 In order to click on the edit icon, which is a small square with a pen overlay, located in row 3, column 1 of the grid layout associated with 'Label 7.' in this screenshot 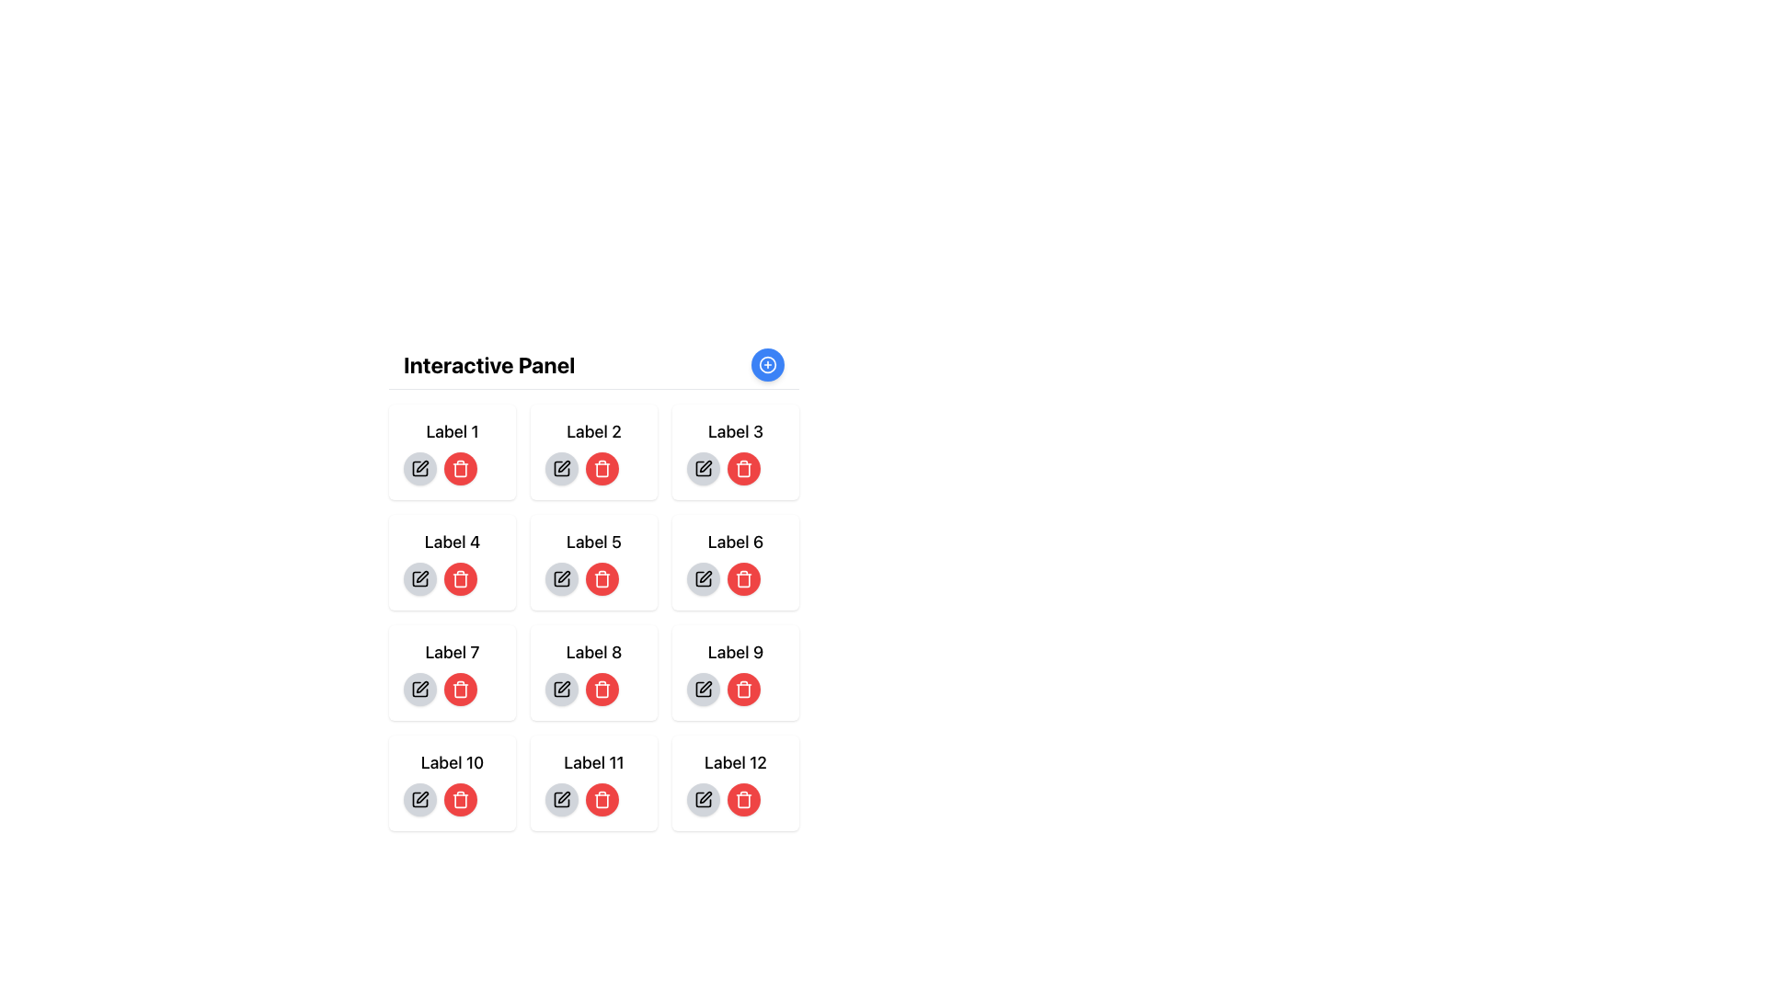, I will do `click(419, 689)`.